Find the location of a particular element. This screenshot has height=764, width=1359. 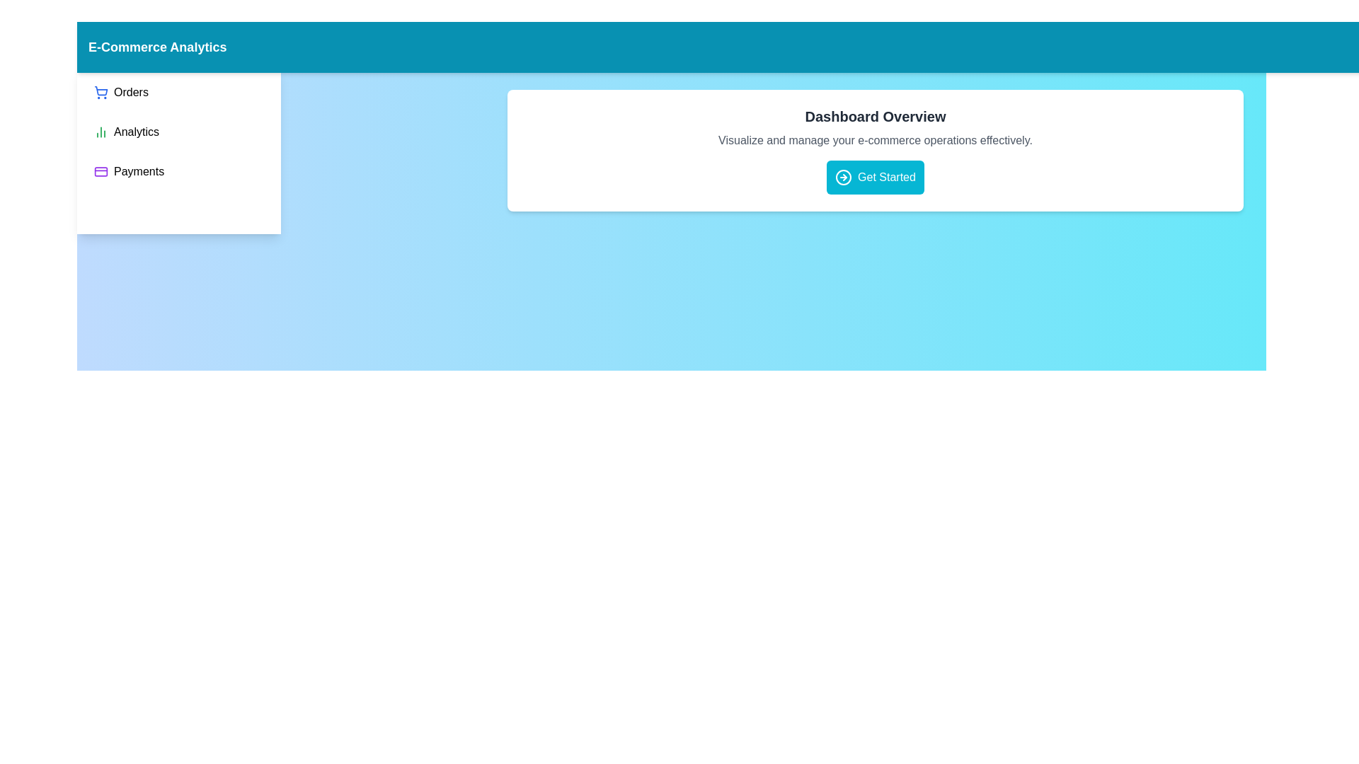

the shopping cart icon located in the navigation sidebar under the 'Orders' section is located at coordinates (101, 91).